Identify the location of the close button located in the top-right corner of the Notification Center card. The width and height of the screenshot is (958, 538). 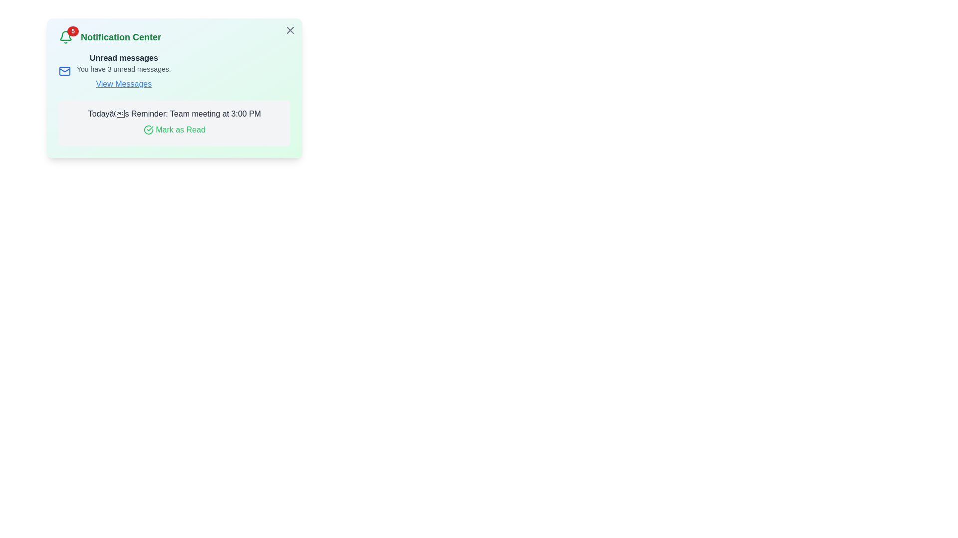
(289, 30).